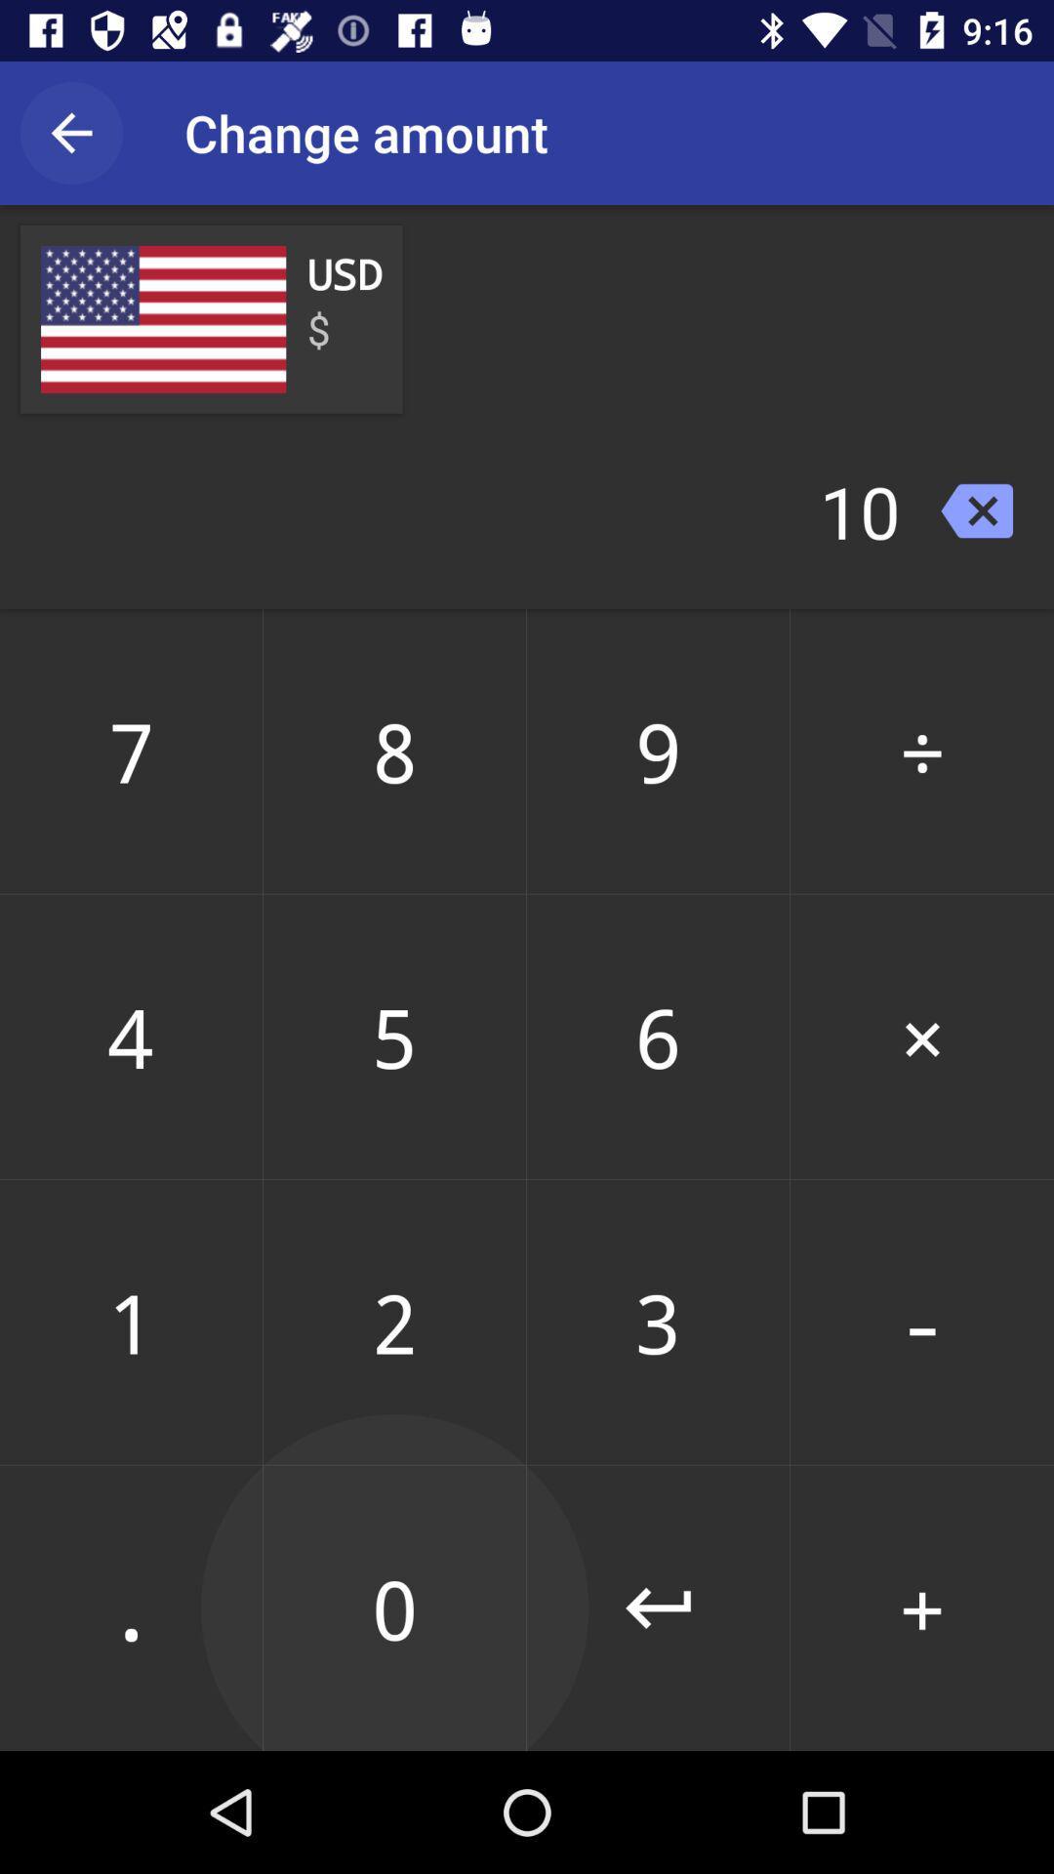 The width and height of the screenshot is (1054, 1874). Describe the element at coordinates (977, 510) in the screenshot. I see `the icon to the right of 10 item` at that location.